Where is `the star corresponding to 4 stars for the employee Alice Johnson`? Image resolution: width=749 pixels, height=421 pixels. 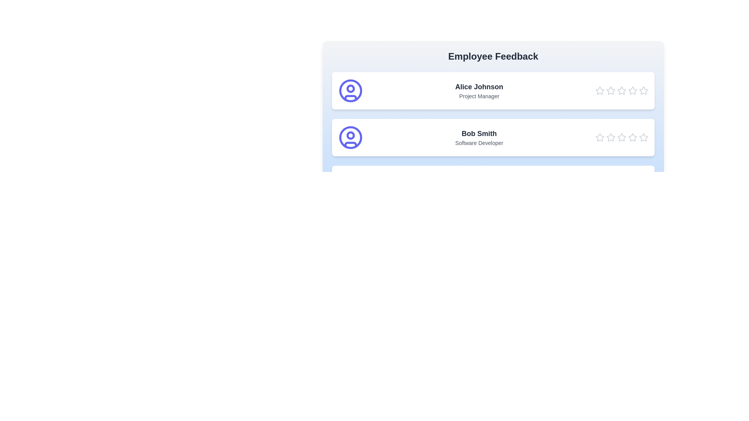 the star corresponding to 4 stars for the employee Alice Johnson is located at coordinates (633, 90).